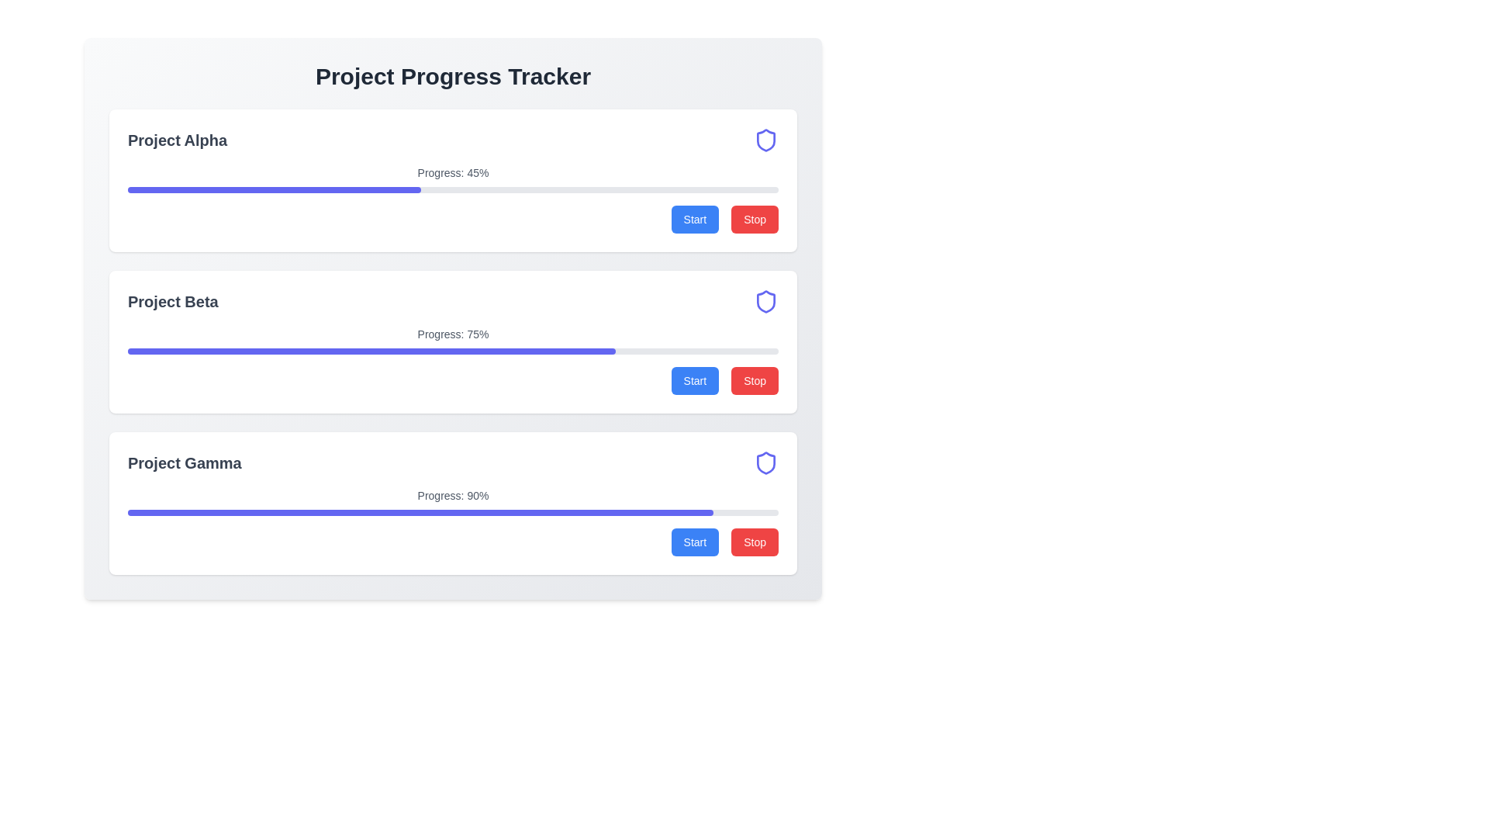 This screenshot has height=838, width=1489. Describe the element at coordinates (766, 140) in the screenshot. I see `the security indicator icon related to 'Project Alpha', which is located on the rightmost side of the interface, aligned with the text of 'Project Alpha'` at that location.